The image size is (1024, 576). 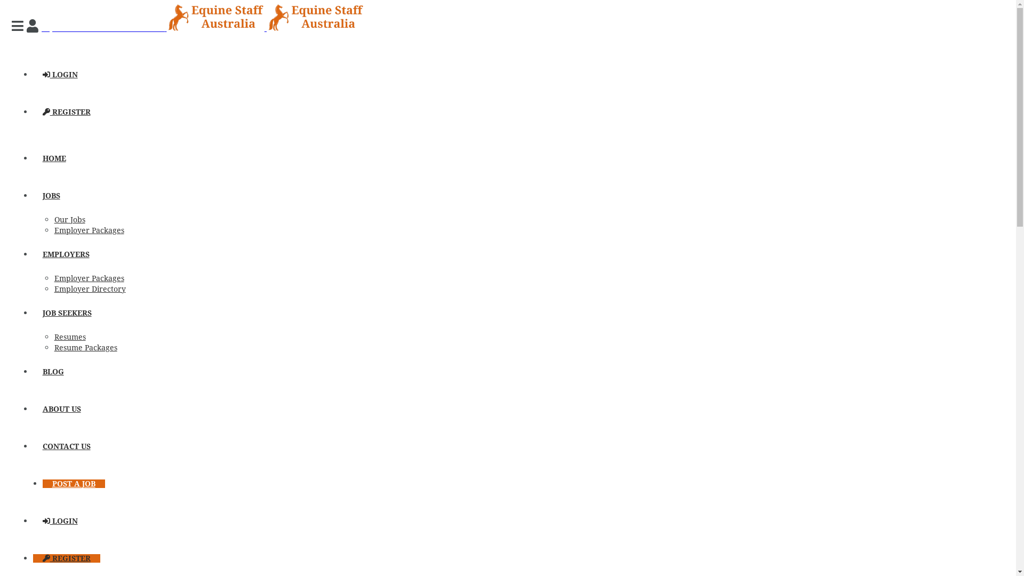 I want to click on 'Navigation', so click(x=19, y=26).